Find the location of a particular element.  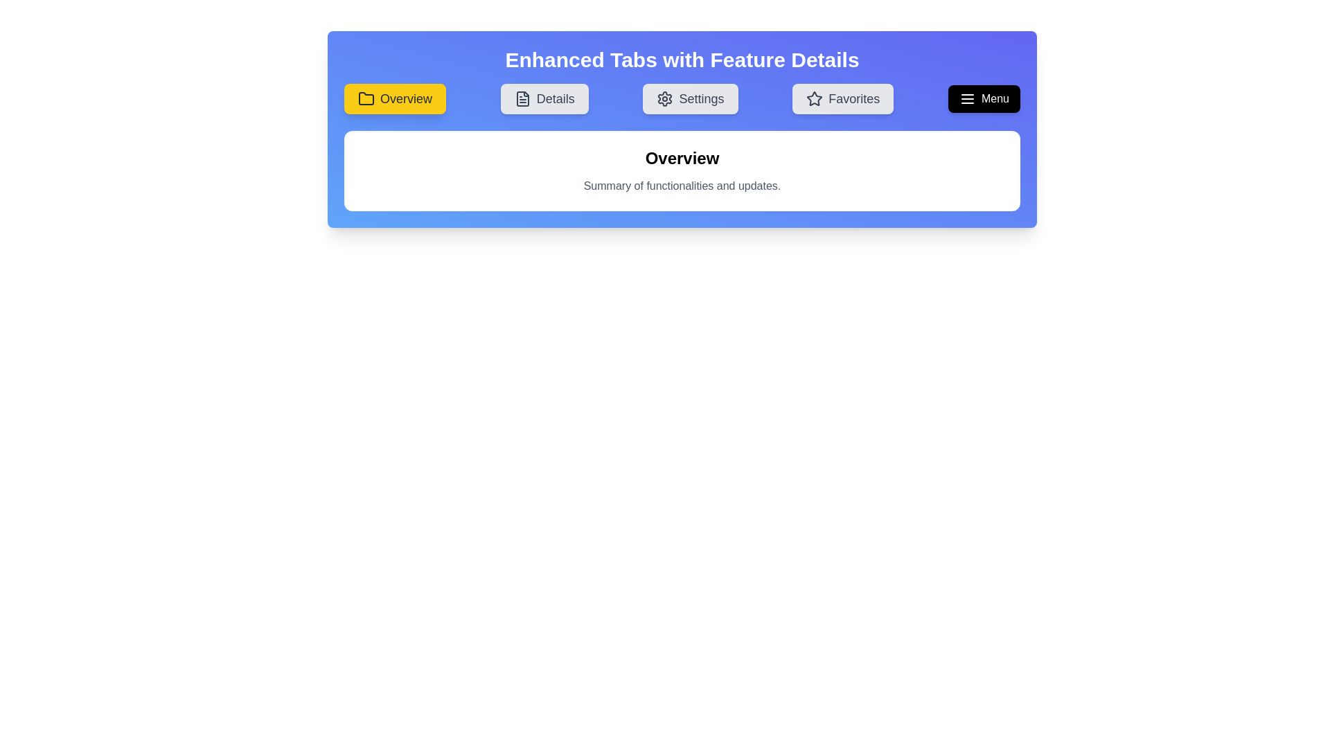

the star-shaped icon that is part of the 'Favorites' button in the top navigation bar is located at coordinates (815, 98).